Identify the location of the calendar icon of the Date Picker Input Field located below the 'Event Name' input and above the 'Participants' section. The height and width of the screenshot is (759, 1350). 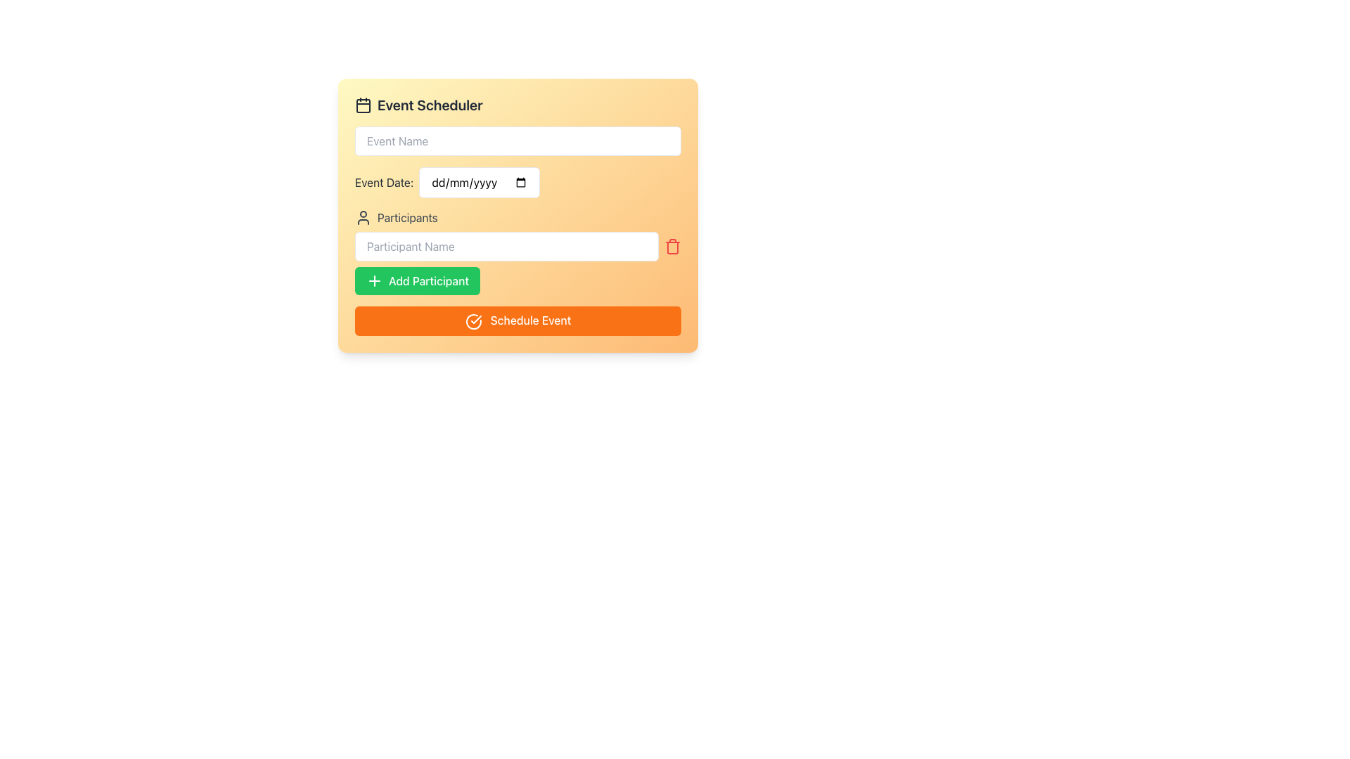
(517, 181).